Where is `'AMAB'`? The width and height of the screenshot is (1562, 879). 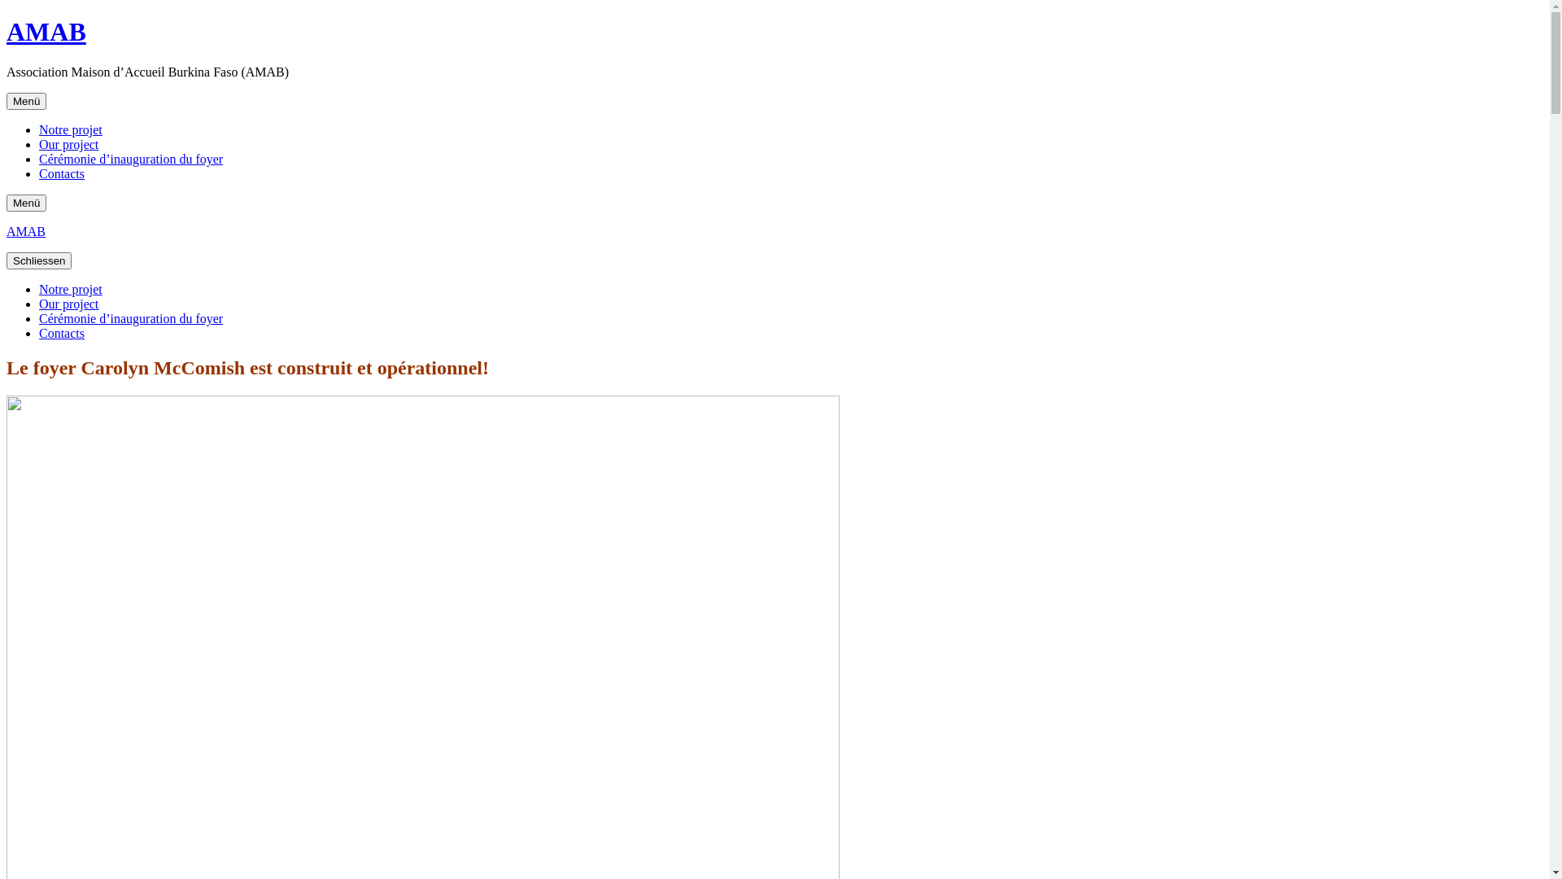 'AMAB' is located at coordinates (26, 231).